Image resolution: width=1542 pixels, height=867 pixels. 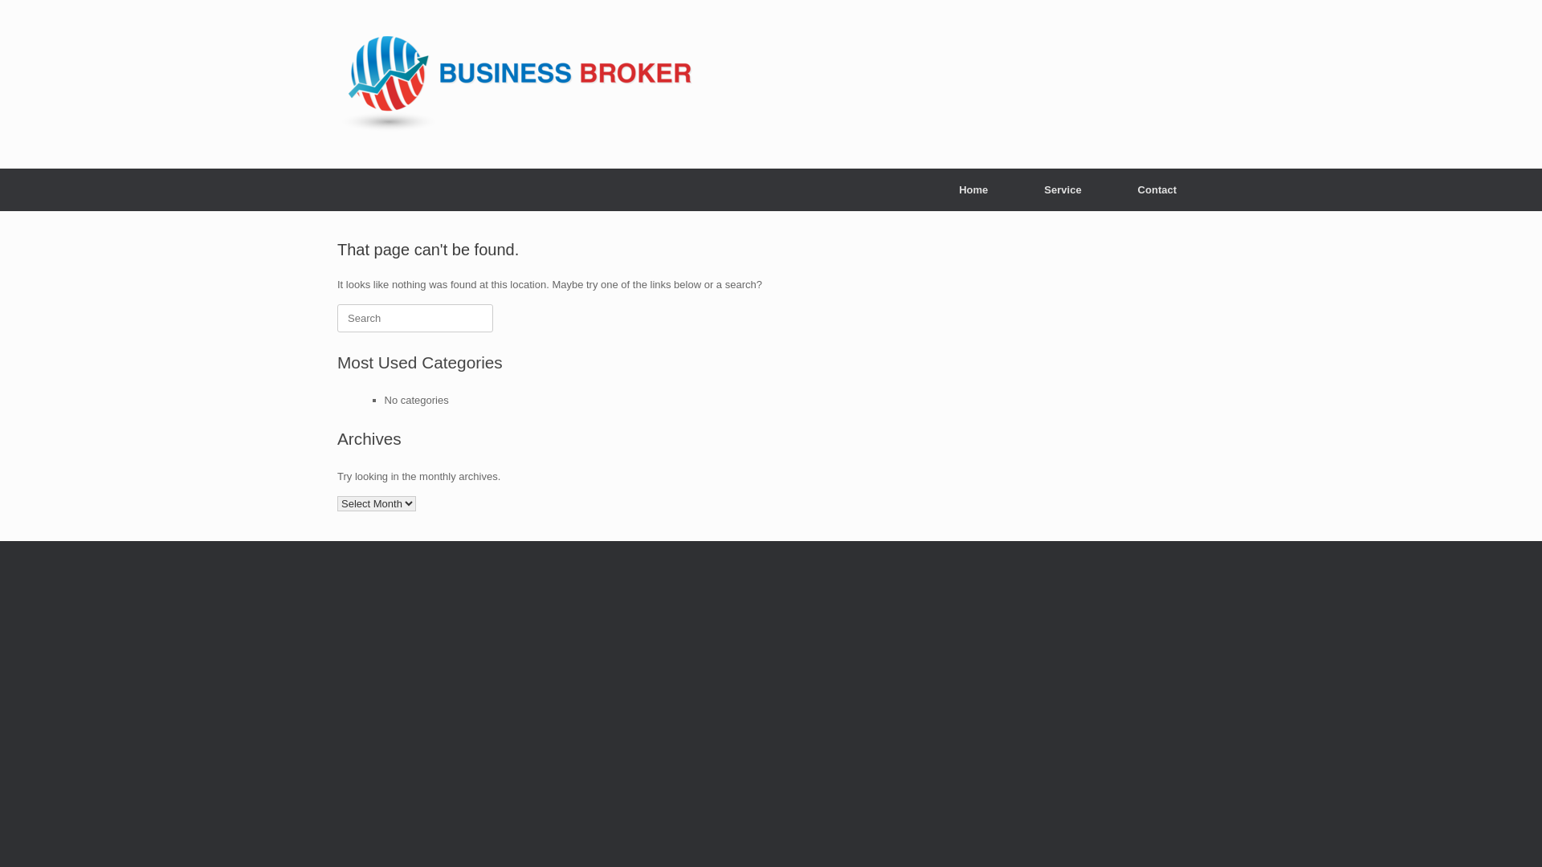 What do you see at coordinates (1156, 189) in the screenshot?
I see `'Contact'` at bounding box center [1156, 189].